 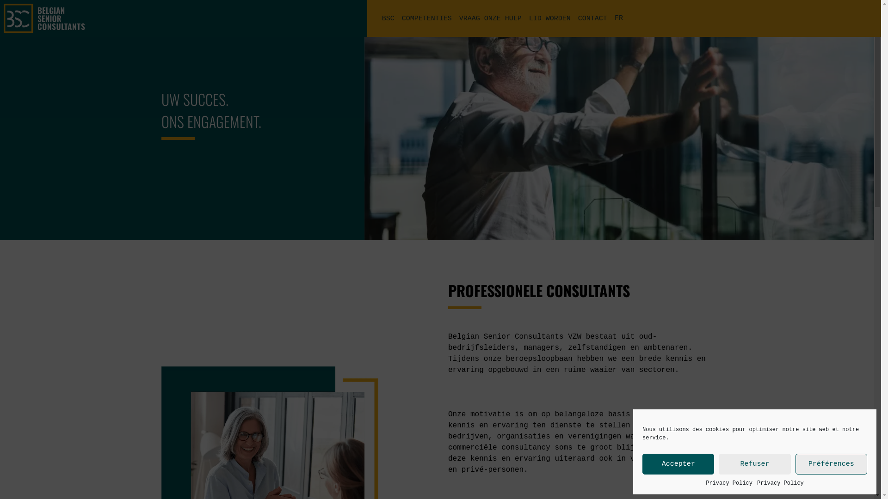 What do you see at coordinates (705, 482) in the screenshot?
I see `'Privacy Policy'` at bounding box center [705, 482].